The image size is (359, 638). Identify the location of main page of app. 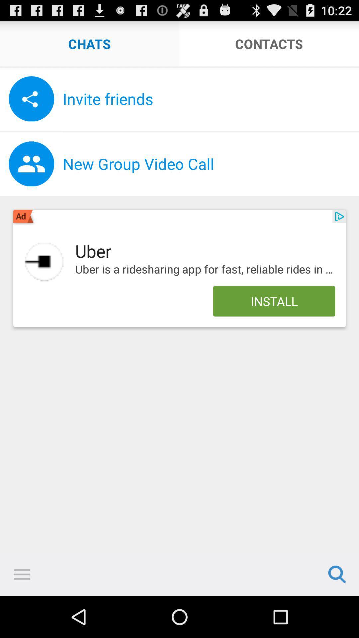
(44, 262).